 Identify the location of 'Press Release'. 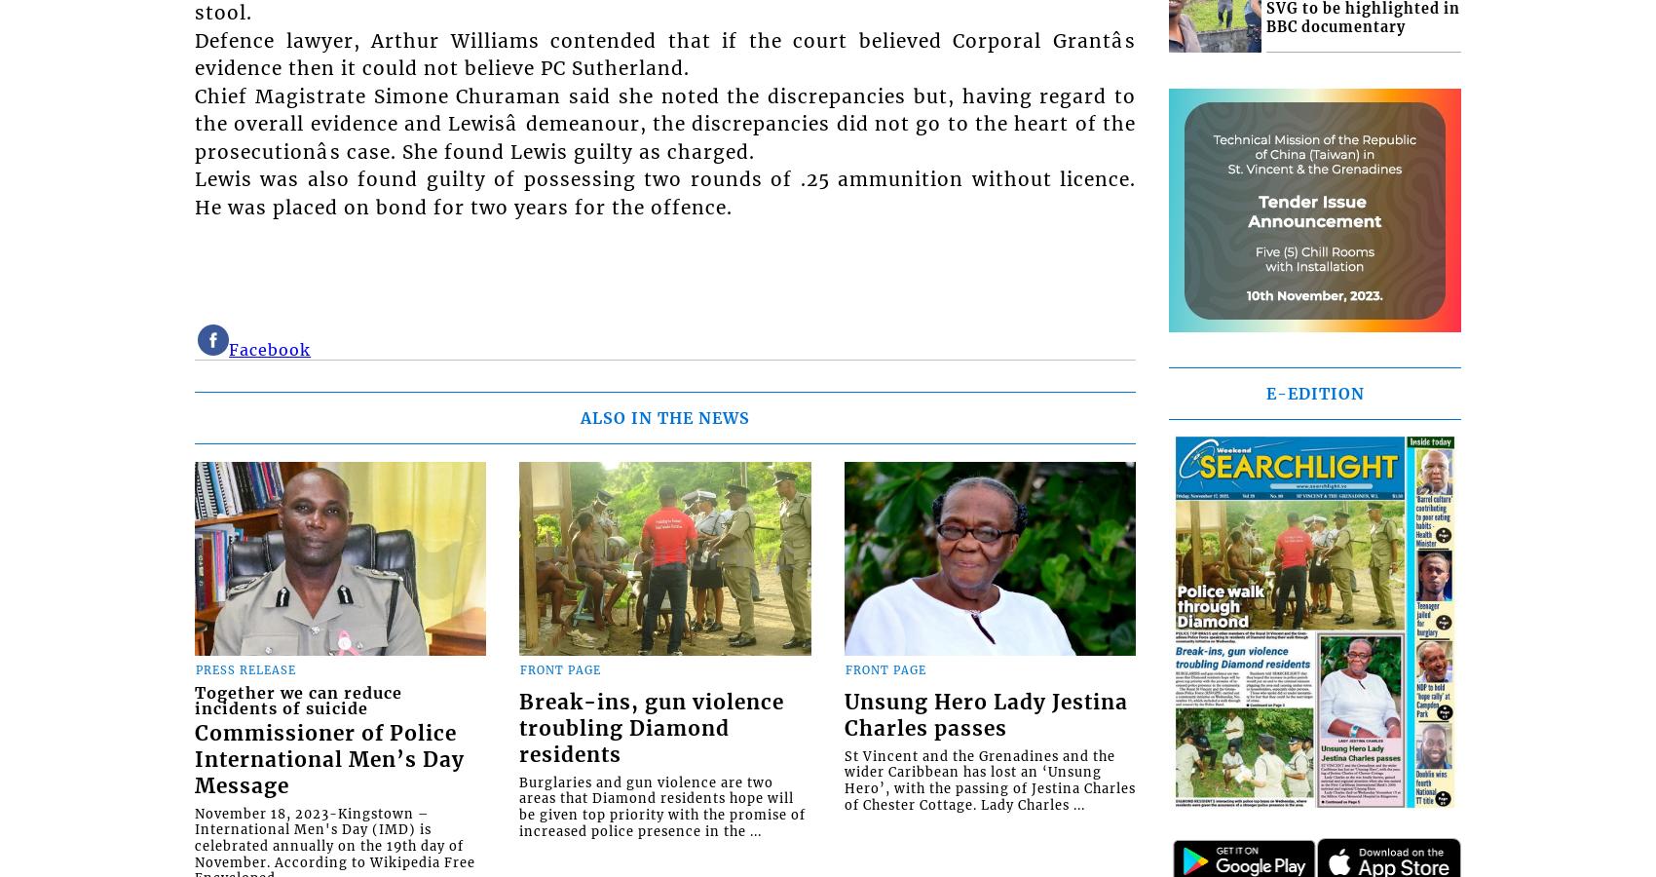
(245, 667).